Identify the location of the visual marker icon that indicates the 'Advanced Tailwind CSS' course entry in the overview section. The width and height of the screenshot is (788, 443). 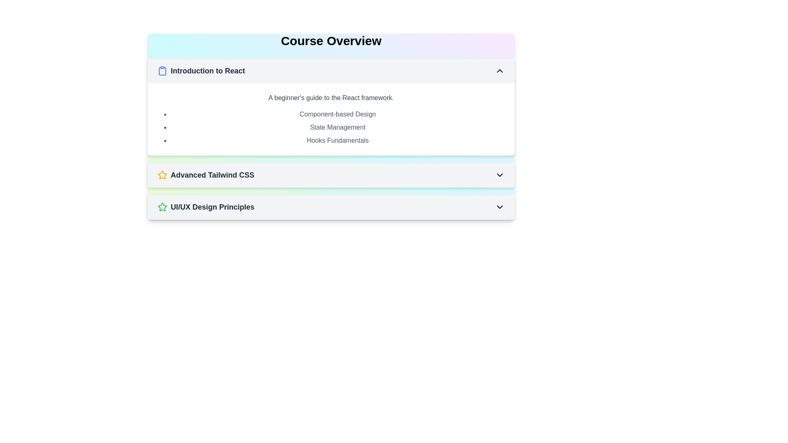
(162, 175).